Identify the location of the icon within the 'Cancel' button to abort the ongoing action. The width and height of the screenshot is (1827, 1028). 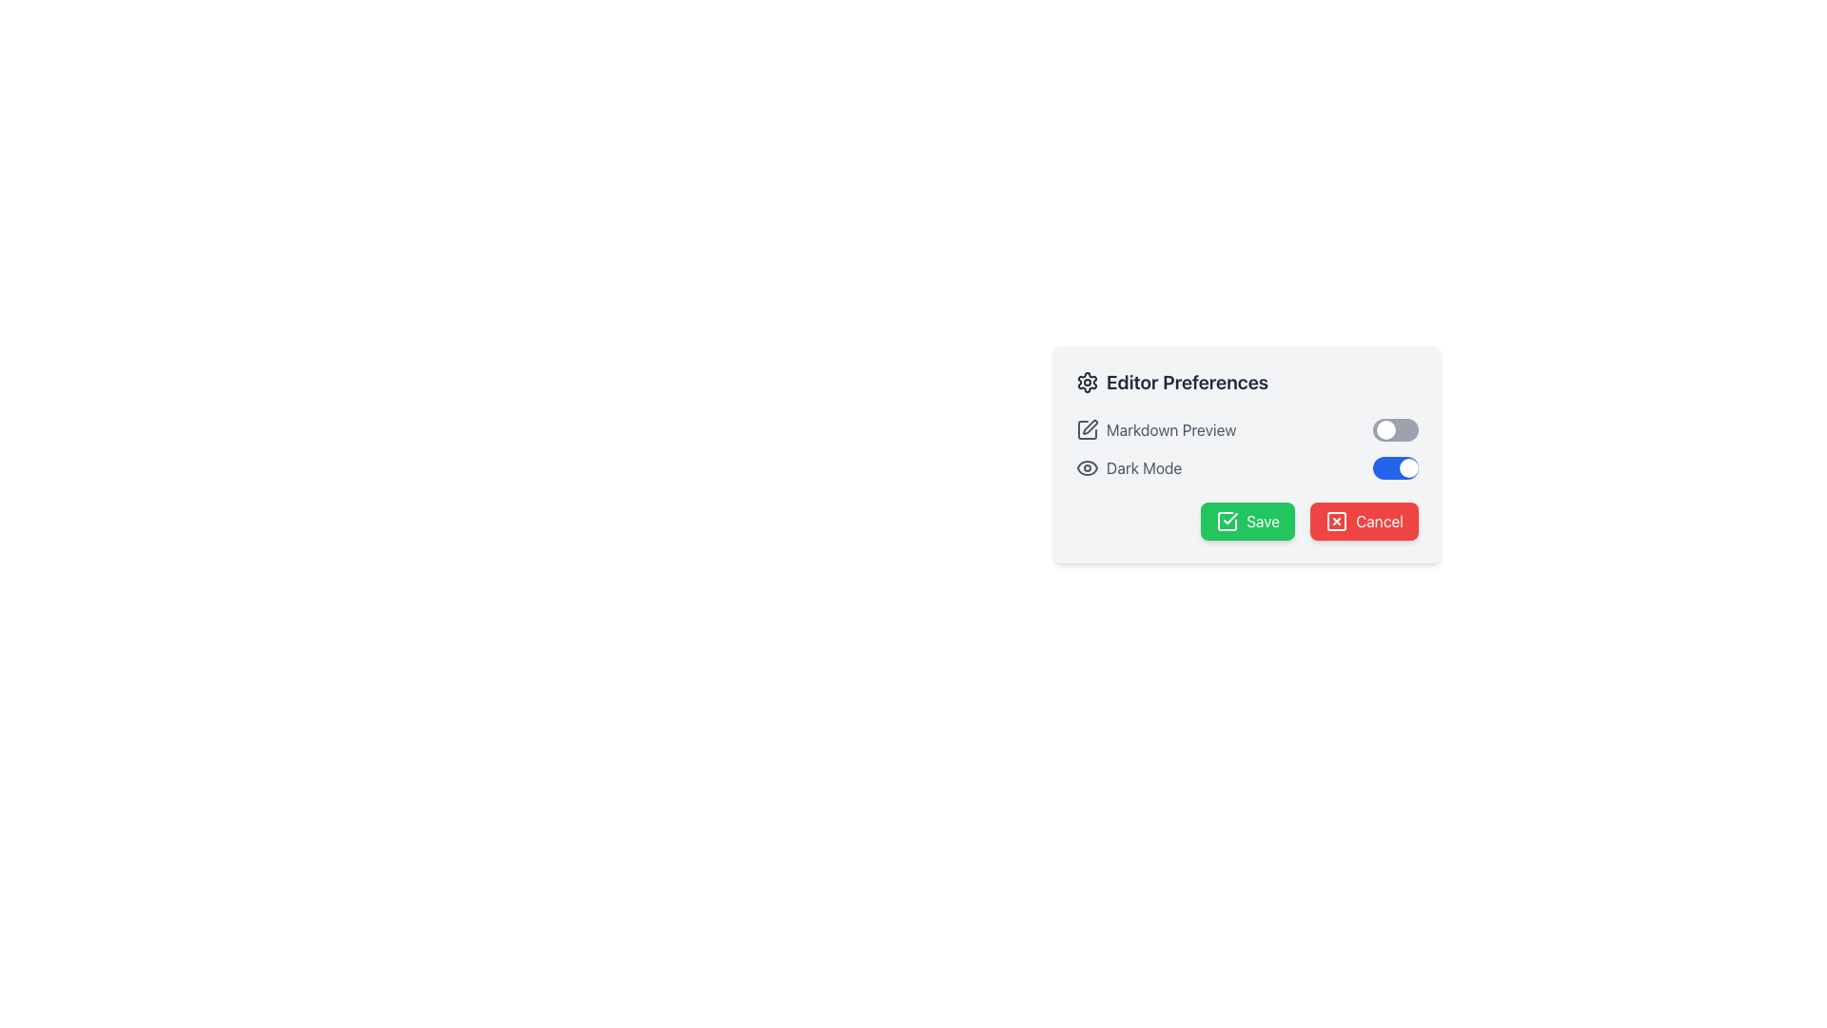
(1336, 521).